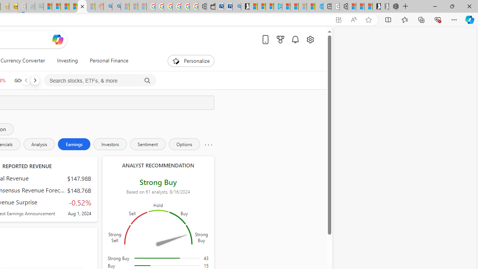 The width and height of the screenshot is (478, 269). I want to click on 'Personalize', so click(191, 61).